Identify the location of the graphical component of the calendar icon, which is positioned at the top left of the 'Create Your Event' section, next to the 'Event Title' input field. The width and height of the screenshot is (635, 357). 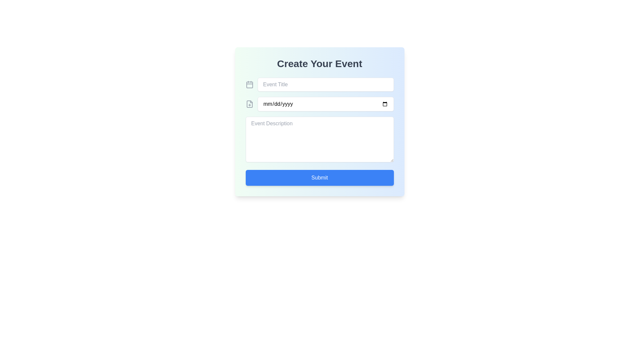
(249, 85).